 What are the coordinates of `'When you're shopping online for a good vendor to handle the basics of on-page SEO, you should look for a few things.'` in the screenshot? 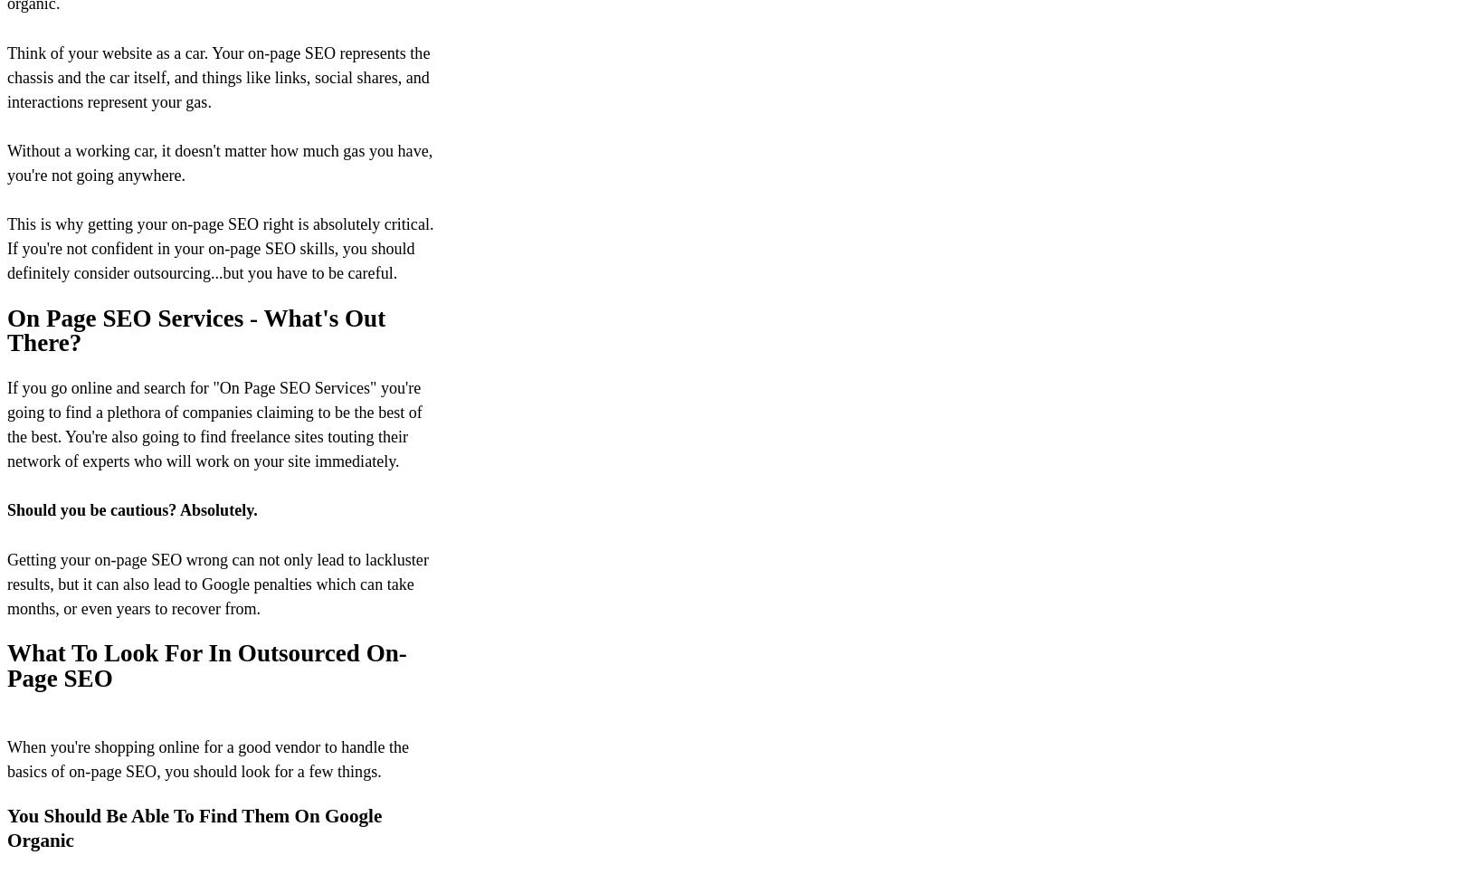 It's located at (208, 758).